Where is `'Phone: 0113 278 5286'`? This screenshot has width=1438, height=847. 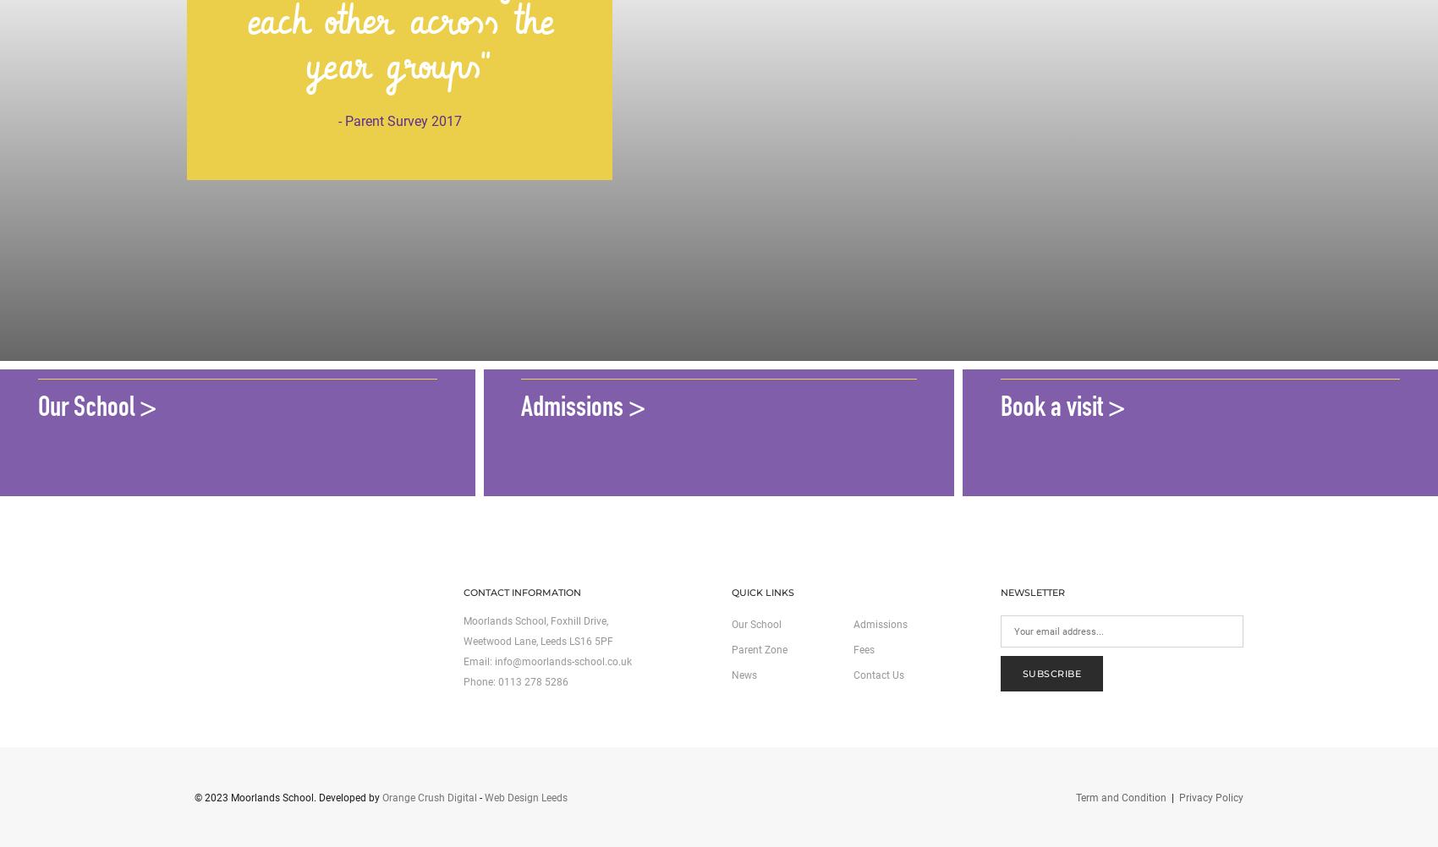 'Phone: 0113 278 5286' is located at coordinates (513, 681).